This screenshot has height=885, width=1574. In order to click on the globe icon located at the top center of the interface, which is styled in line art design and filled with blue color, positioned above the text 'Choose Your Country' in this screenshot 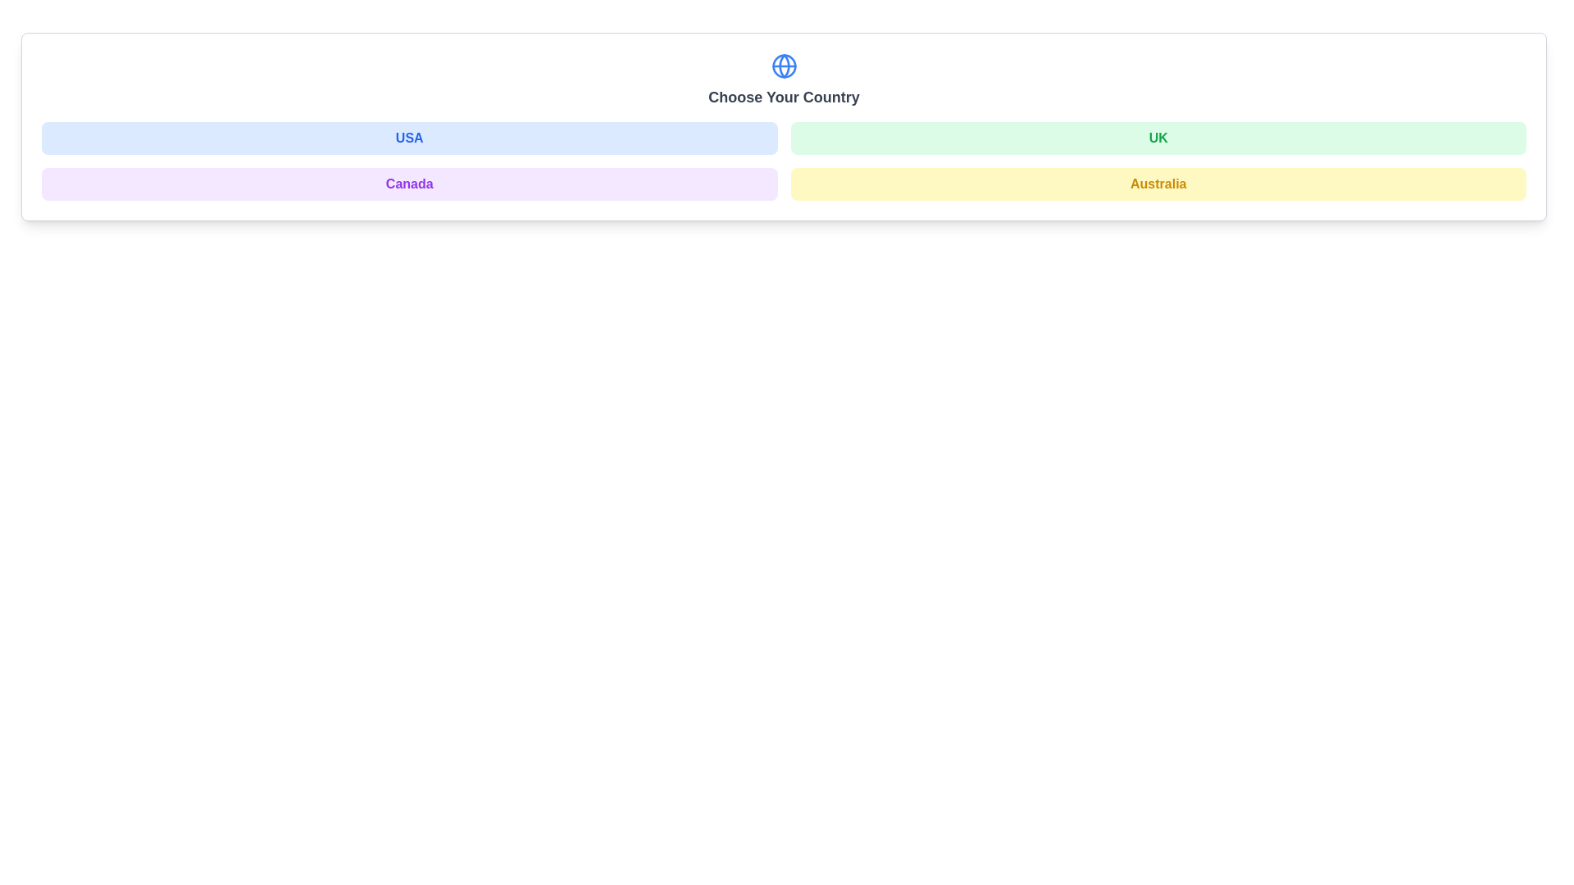, I will do `click(783, 66)`.